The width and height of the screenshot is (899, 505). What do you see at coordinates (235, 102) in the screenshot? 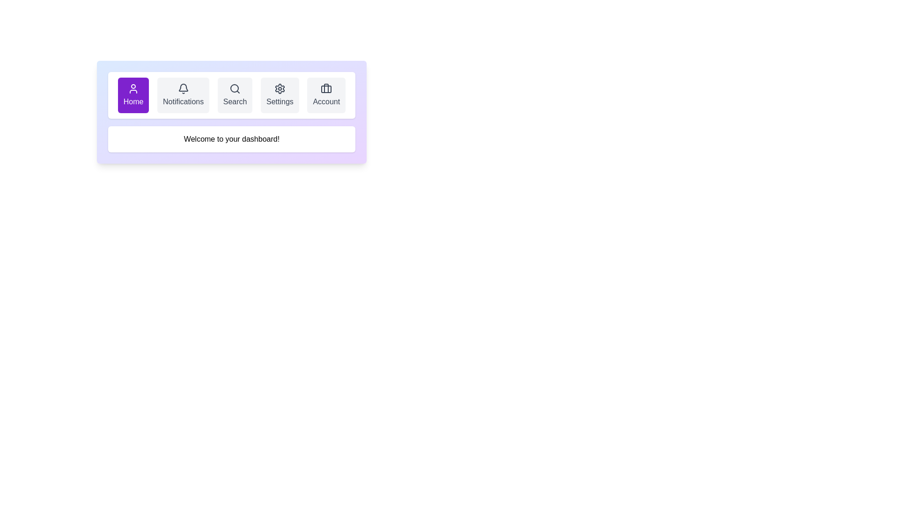
I see `the text label that describes the search button, located in the center of the button between 'Notifications' and 'Settings'` at bounding box center [235, 102].